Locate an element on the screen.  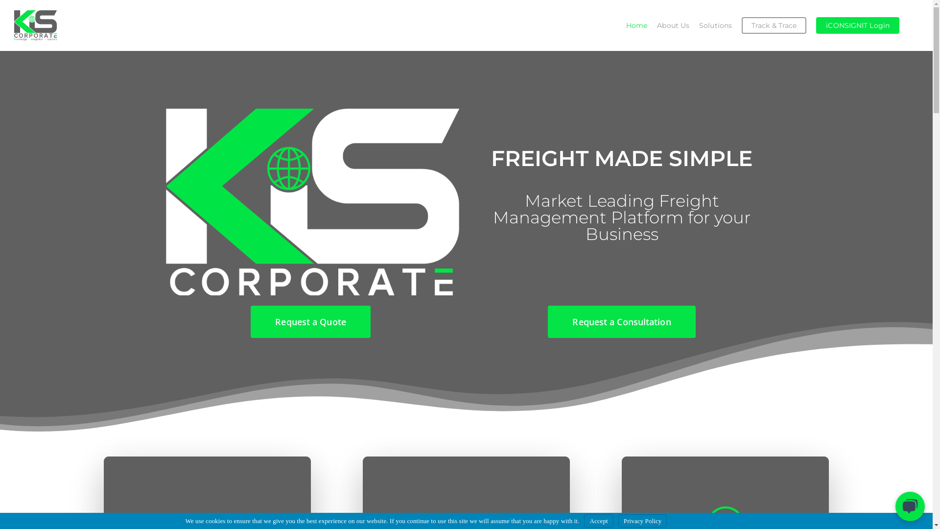
'Privacy Policy' is located at coordinates (643, 520).